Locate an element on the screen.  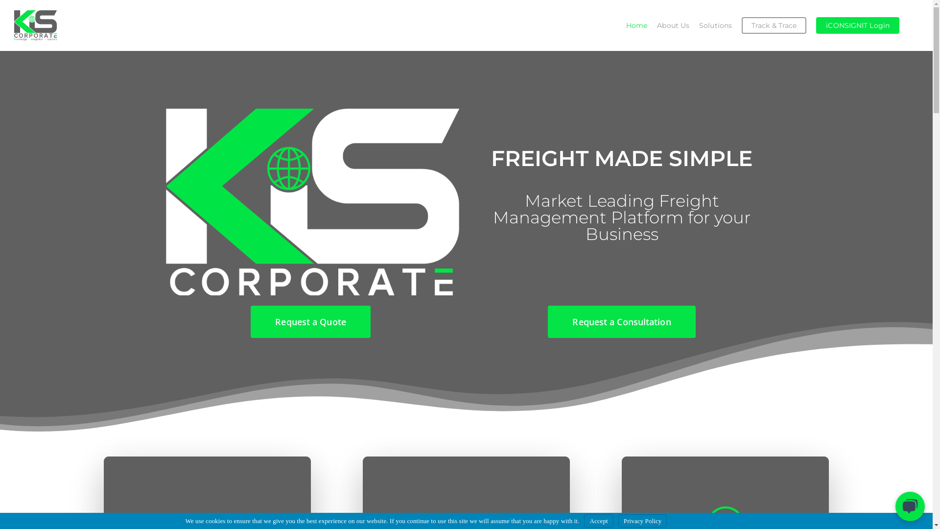
'Privacy Policy' is located at coordinates (643, 520).